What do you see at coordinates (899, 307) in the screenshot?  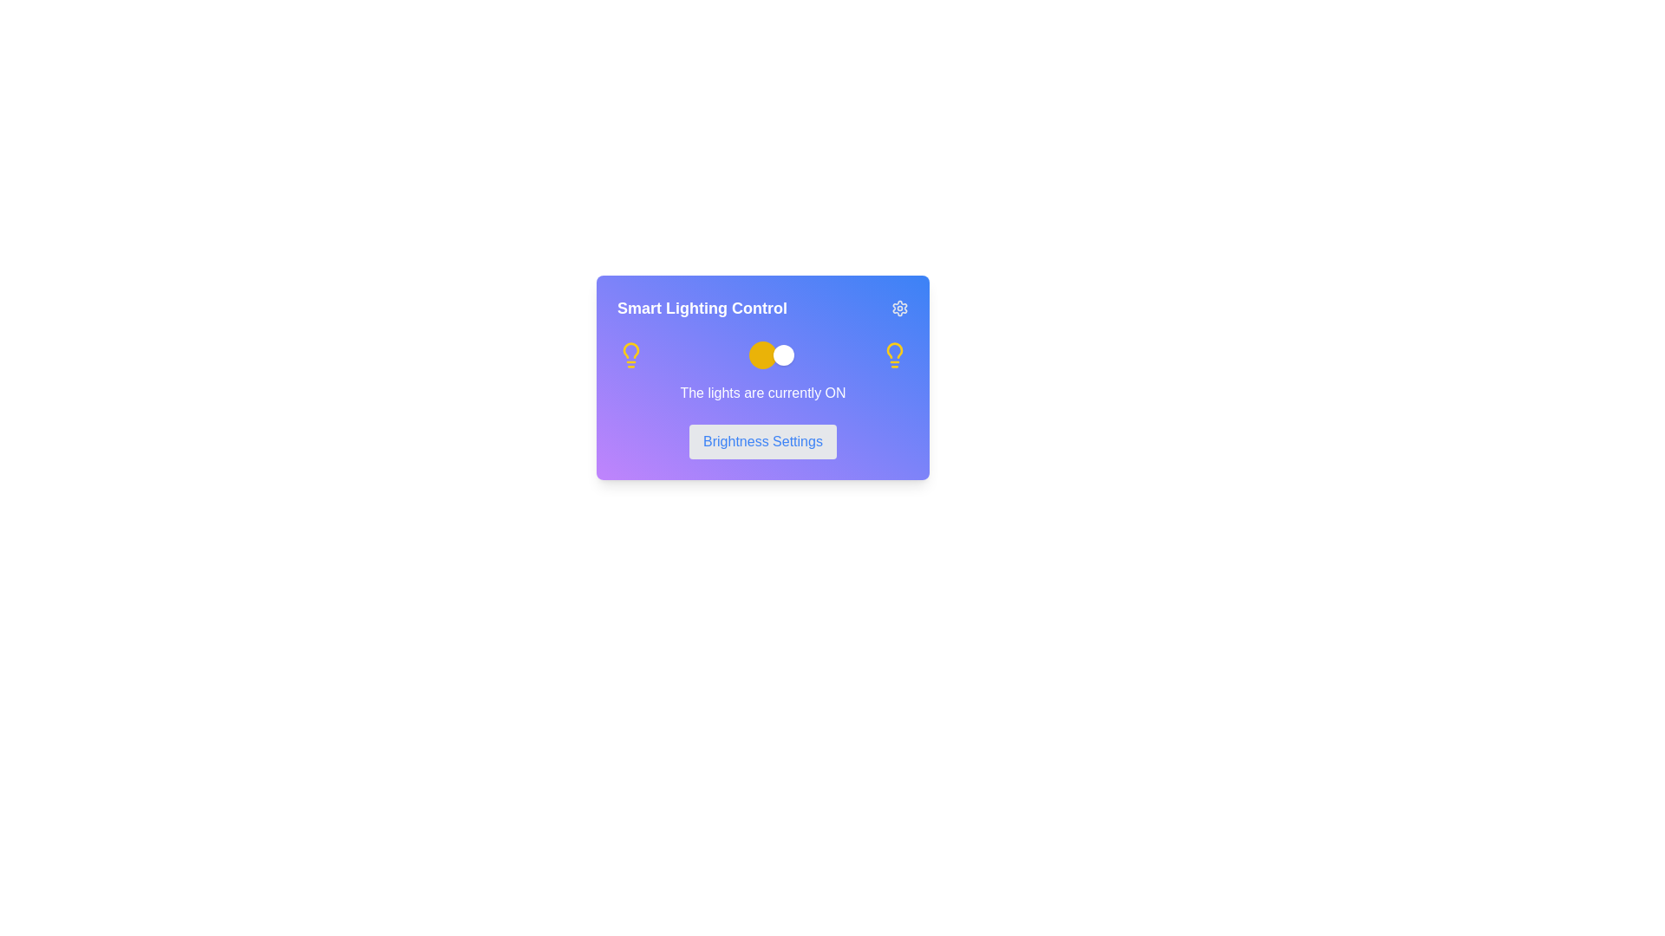 I see `the gear icon located in the top-right corner of the card interface` at bounding box center [899, 307].